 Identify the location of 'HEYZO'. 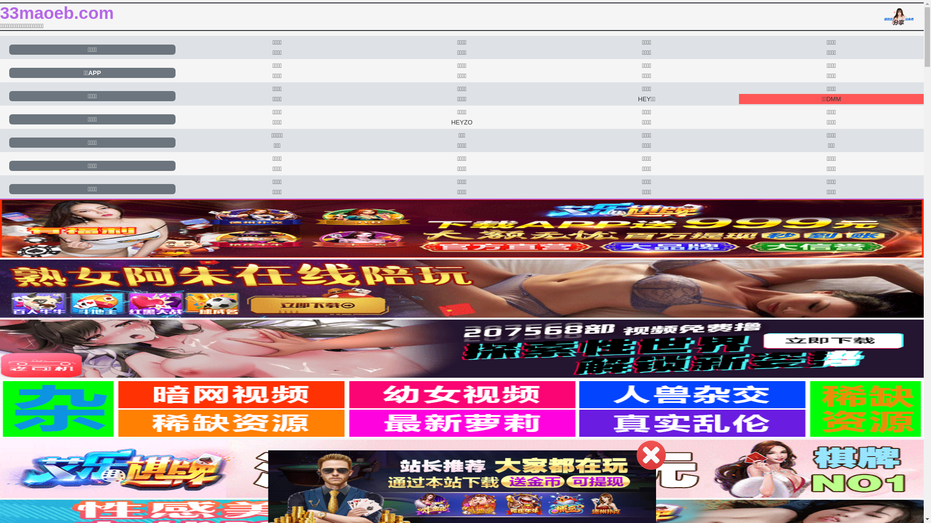
(461, 122).